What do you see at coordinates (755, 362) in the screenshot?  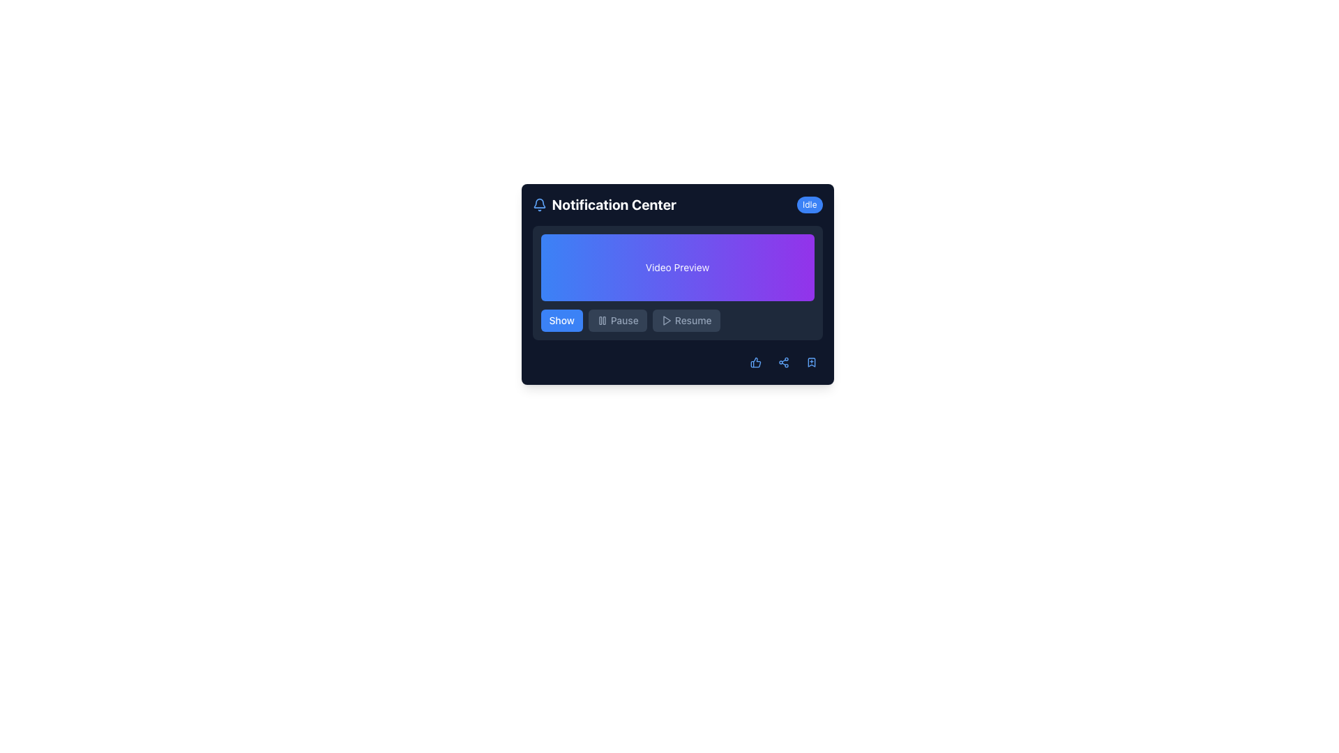 I see `the thumbs-up icon located in the notification area near the bottom-right corner of the notification card` at bounding box center [755, 362].